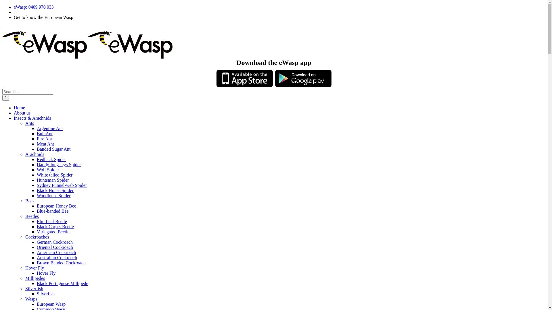 Image resolution: width=552 pixels, height=310 pixels. I want to click on 'About us', so click(22, 113).